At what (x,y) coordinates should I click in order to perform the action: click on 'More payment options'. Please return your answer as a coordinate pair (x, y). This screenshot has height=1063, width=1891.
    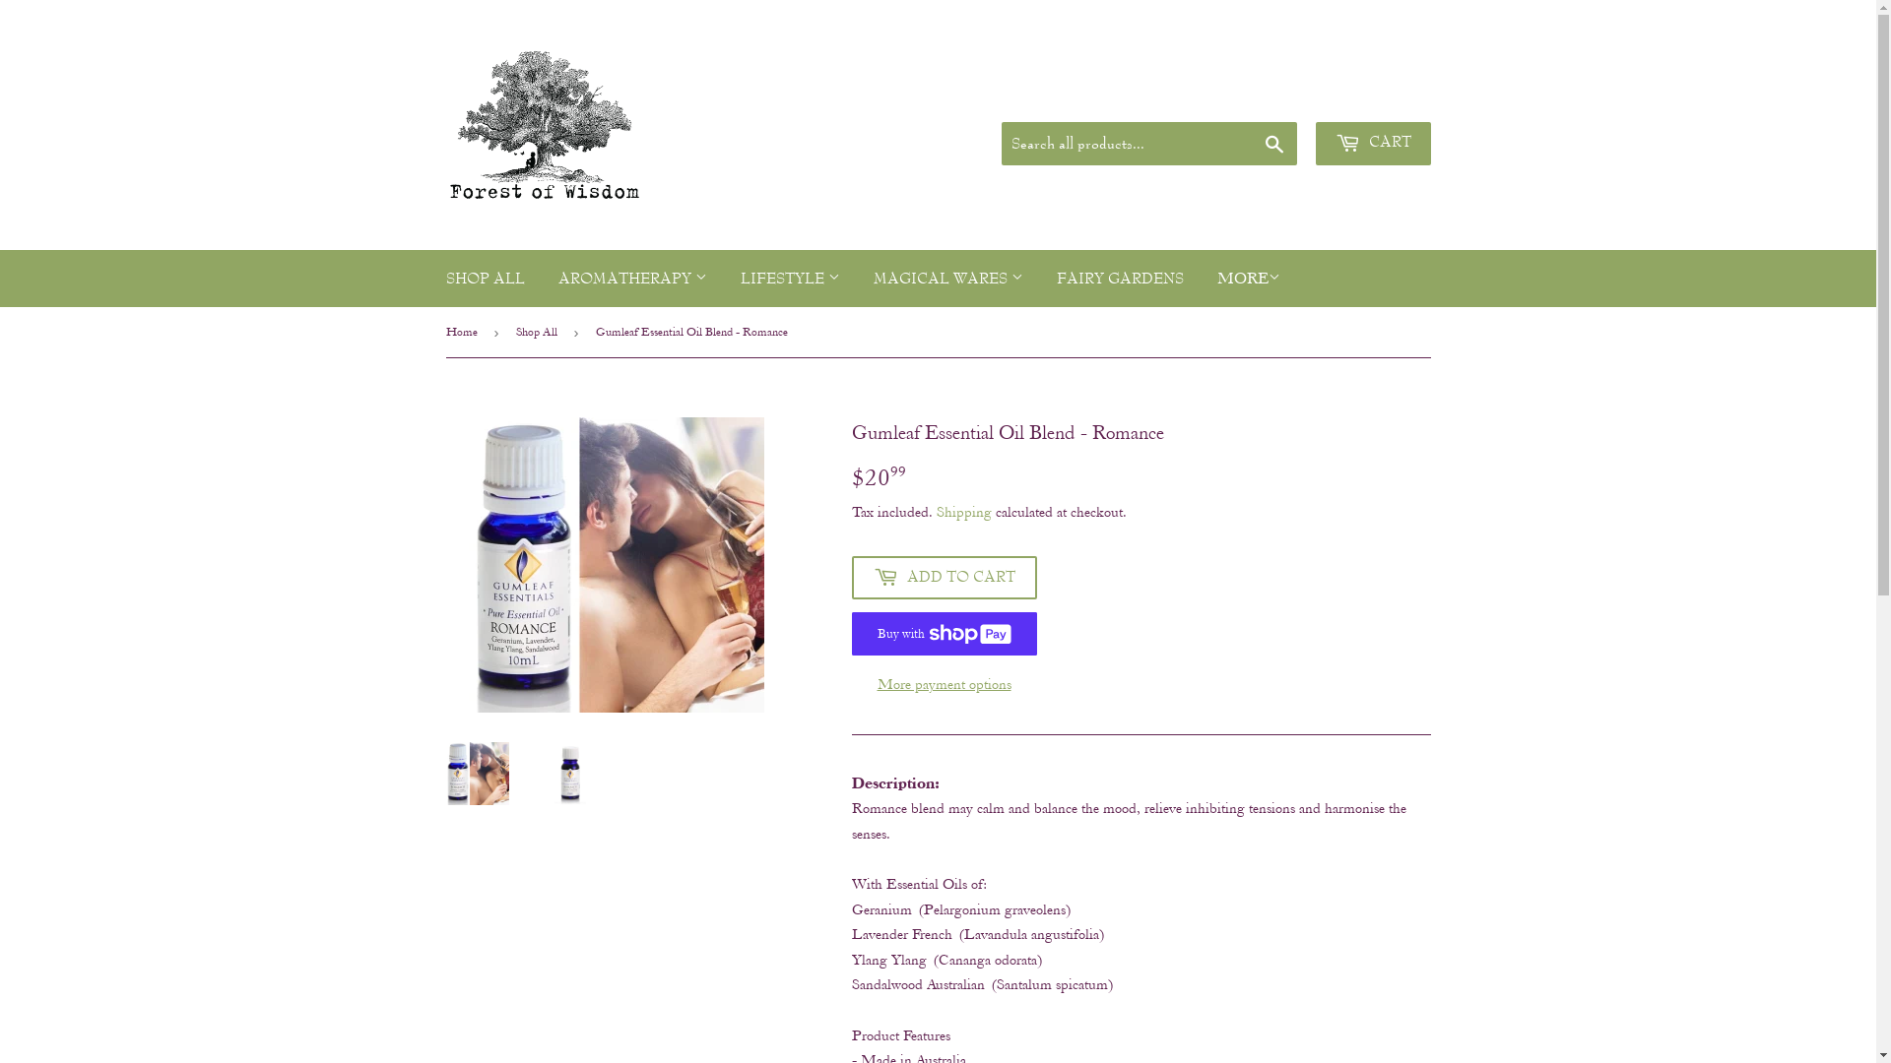
    Looking at the image, I should click on (943, 683).